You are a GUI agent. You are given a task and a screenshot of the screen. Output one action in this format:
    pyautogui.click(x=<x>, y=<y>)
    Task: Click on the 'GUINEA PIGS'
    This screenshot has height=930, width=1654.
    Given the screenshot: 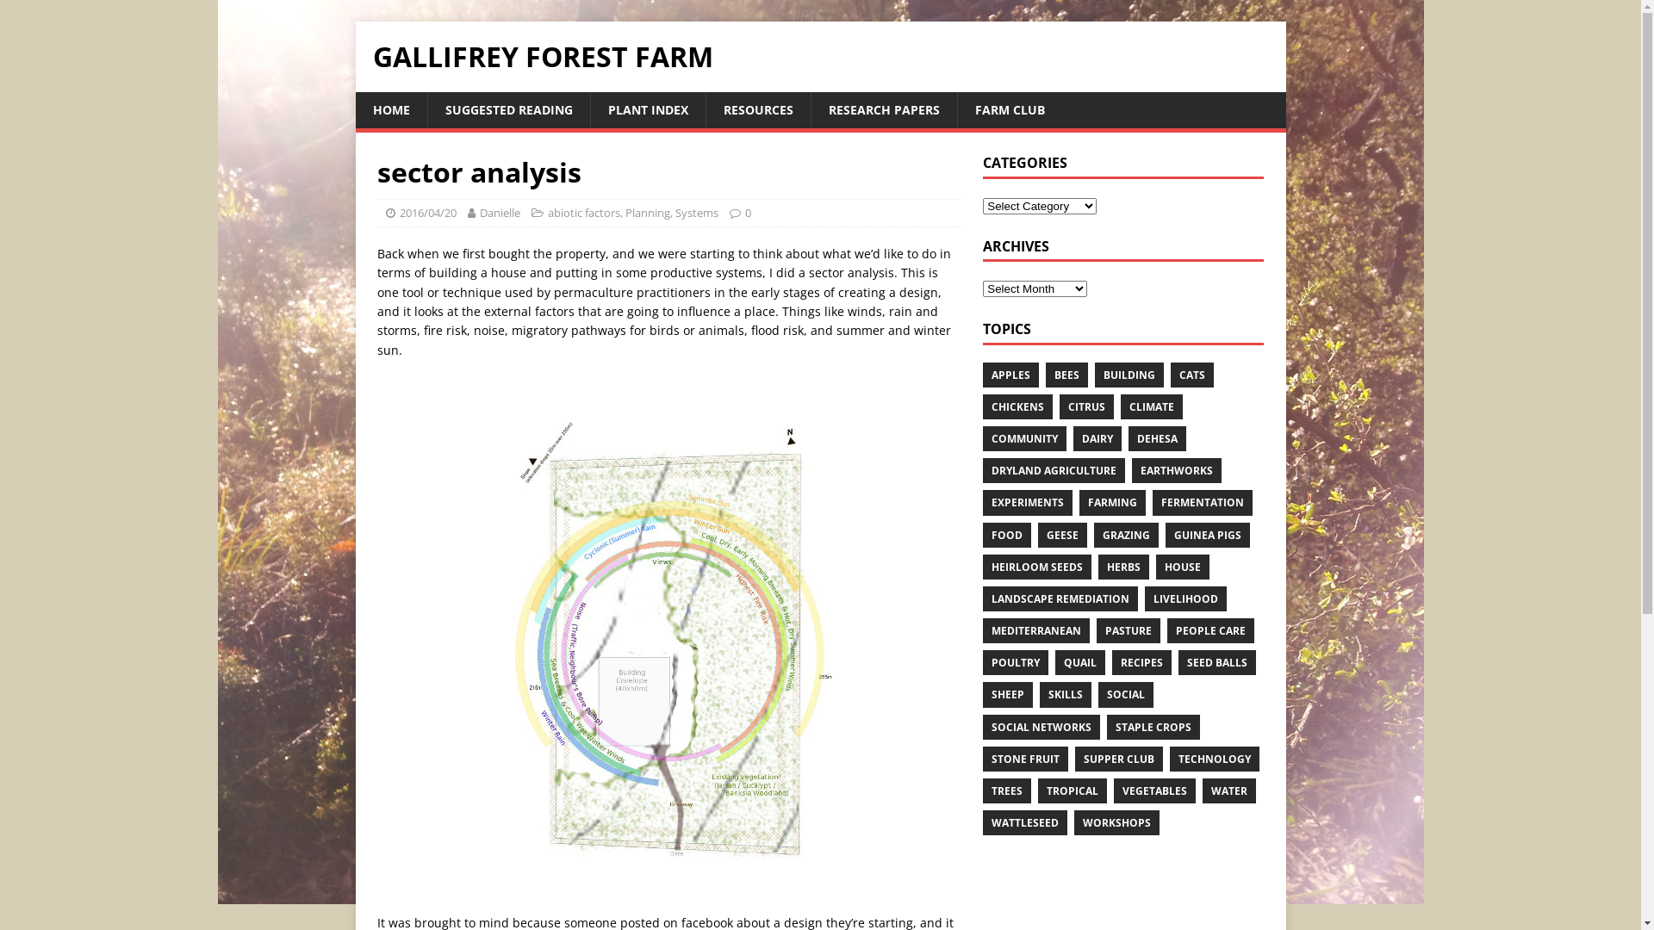 What is the action you would take?
    pyautogui.click(x=1206, y=533)
    